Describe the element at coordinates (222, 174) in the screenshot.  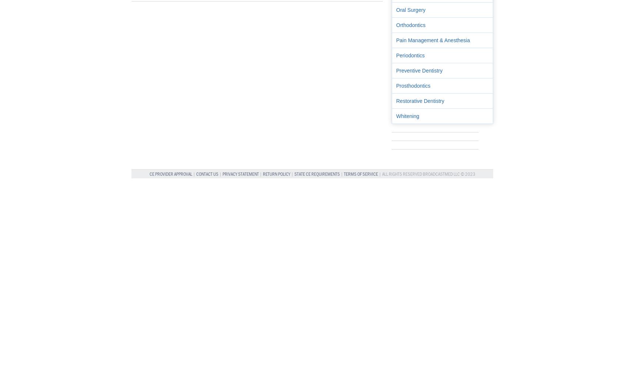
I see `'Privacy Statement'` at that location.